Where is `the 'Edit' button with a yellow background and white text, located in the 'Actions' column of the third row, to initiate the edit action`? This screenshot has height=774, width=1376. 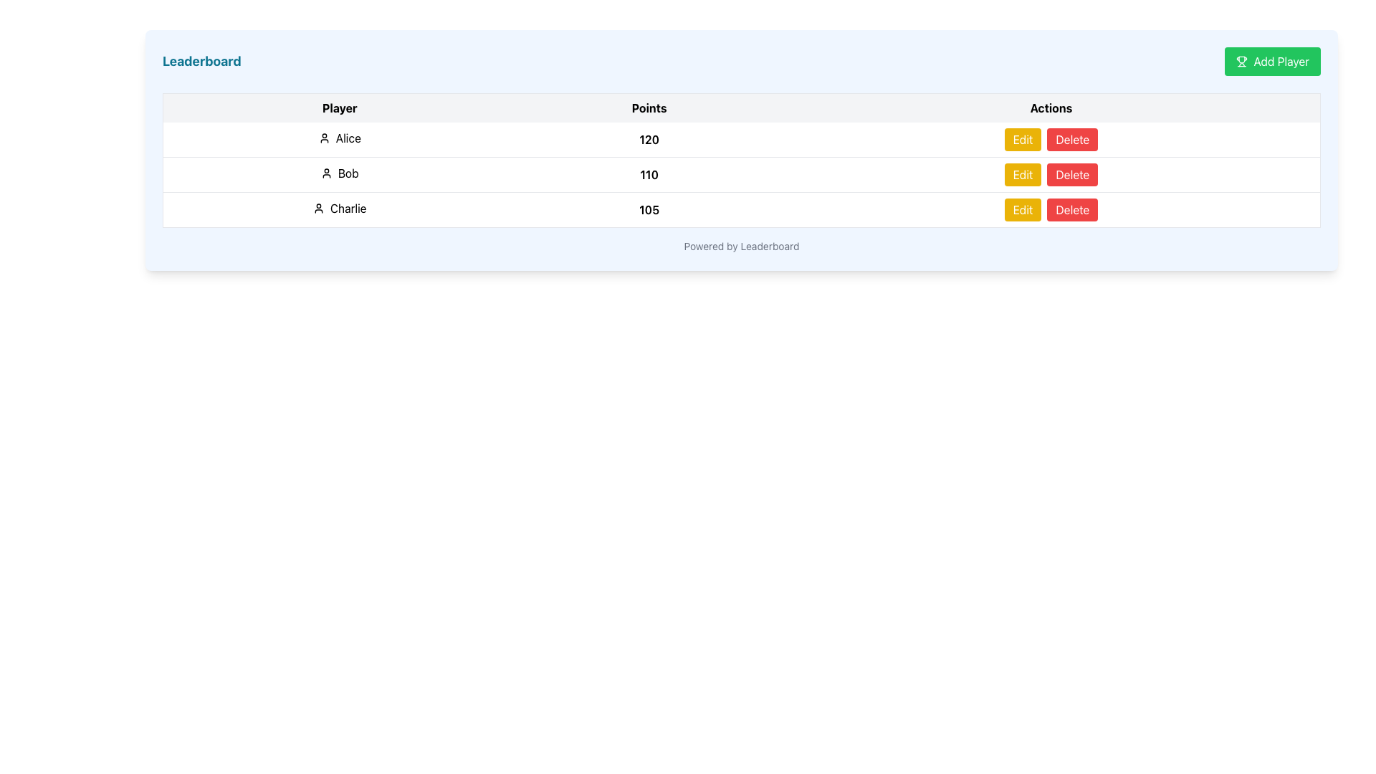
the 'Edit' button with a yellow background and white text, located in the 'Actions' column of the third row, to initiate the edit action is located at coordinates (1022, 210).